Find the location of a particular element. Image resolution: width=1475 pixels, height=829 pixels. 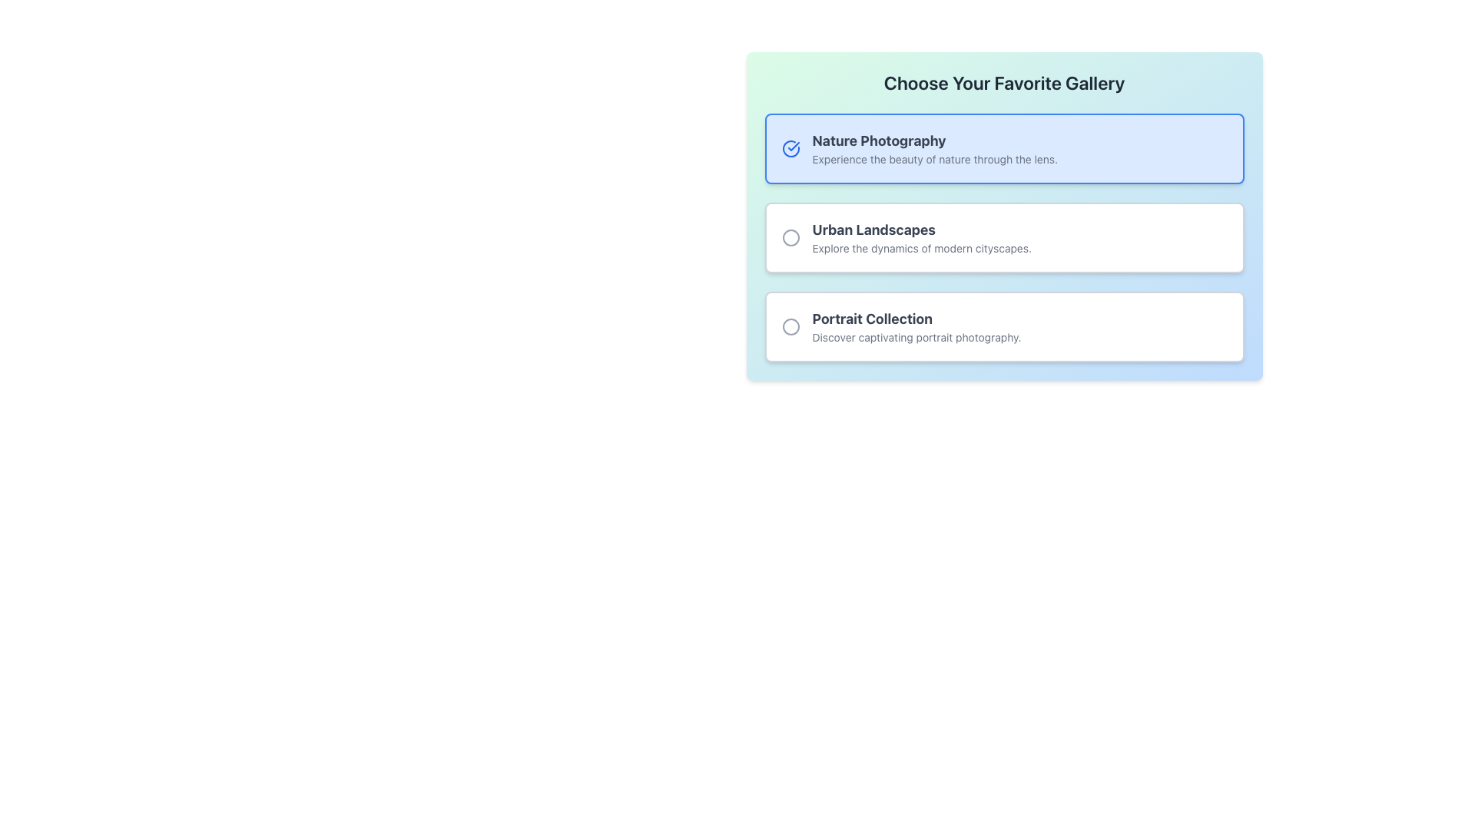

the 'Urban Landscapes' gallery selection button, which is located below the 'Nature Photography' block and above the 'Portrait Collection' block is located at coordinates (1004, 216).